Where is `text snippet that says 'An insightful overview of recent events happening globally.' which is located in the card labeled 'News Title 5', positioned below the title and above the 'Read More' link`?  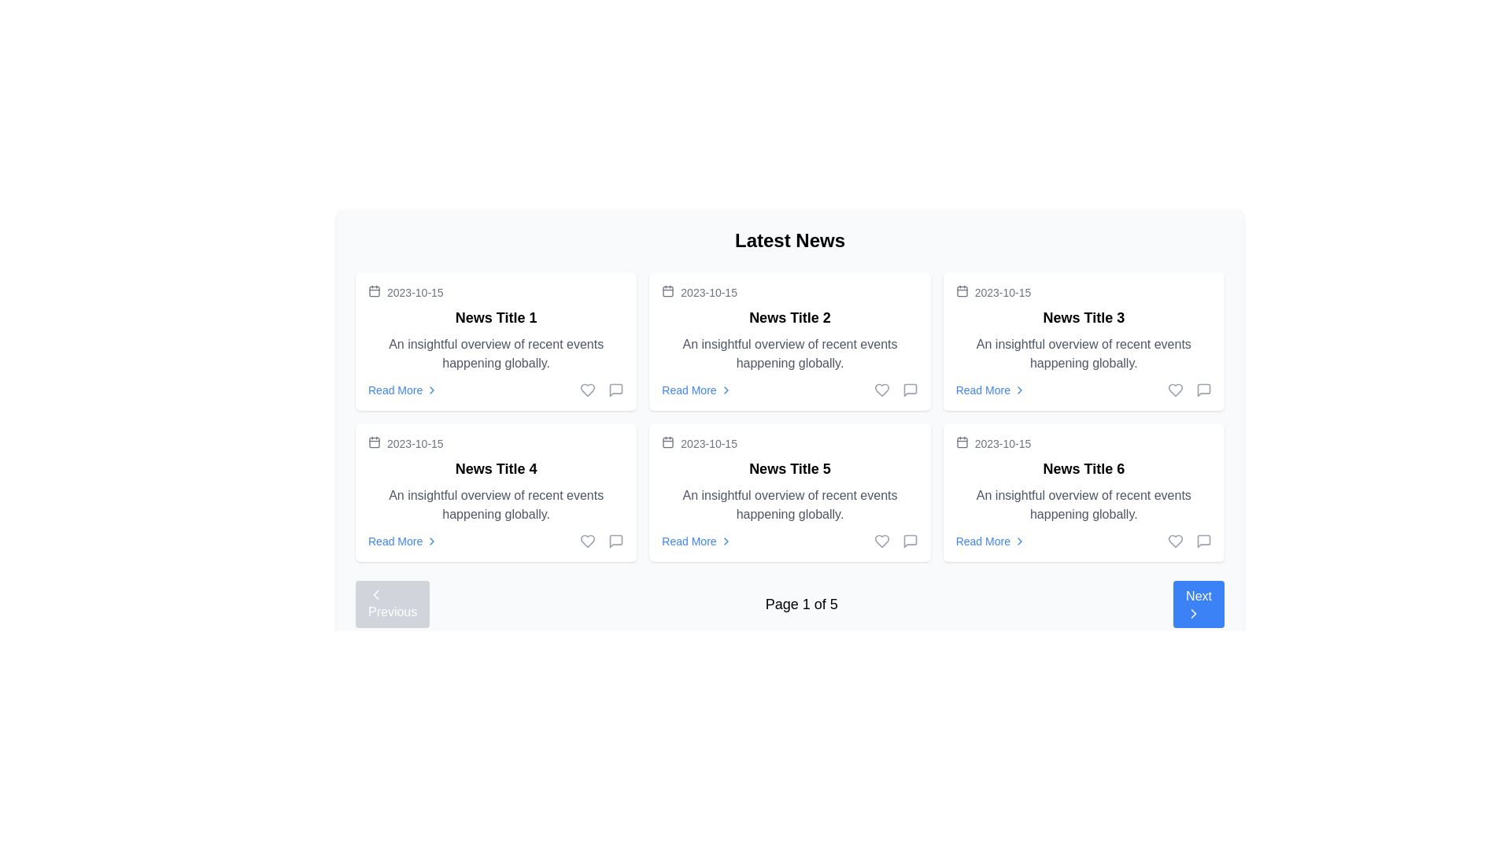
text snippet that says 'An insightful overview of recent events happening globally.' which is located in the card labeled 'News Title 5', positioned below the title and above the 'Read More' link is located at coordinates (789, 504).